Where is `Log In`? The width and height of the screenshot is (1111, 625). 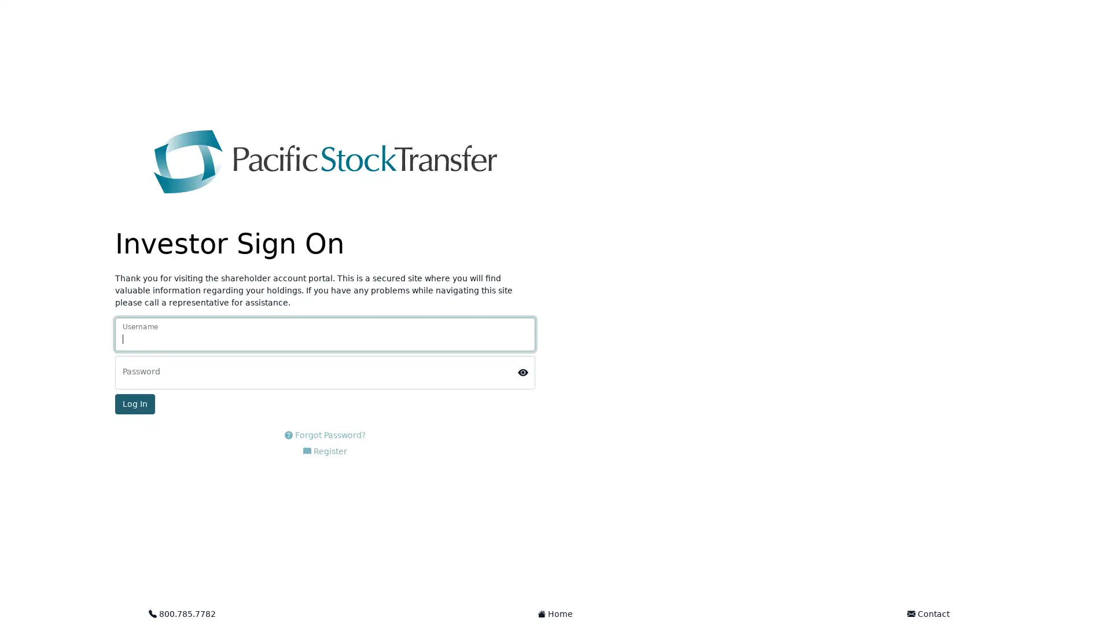 Log In is located at coordinates (135, 403).